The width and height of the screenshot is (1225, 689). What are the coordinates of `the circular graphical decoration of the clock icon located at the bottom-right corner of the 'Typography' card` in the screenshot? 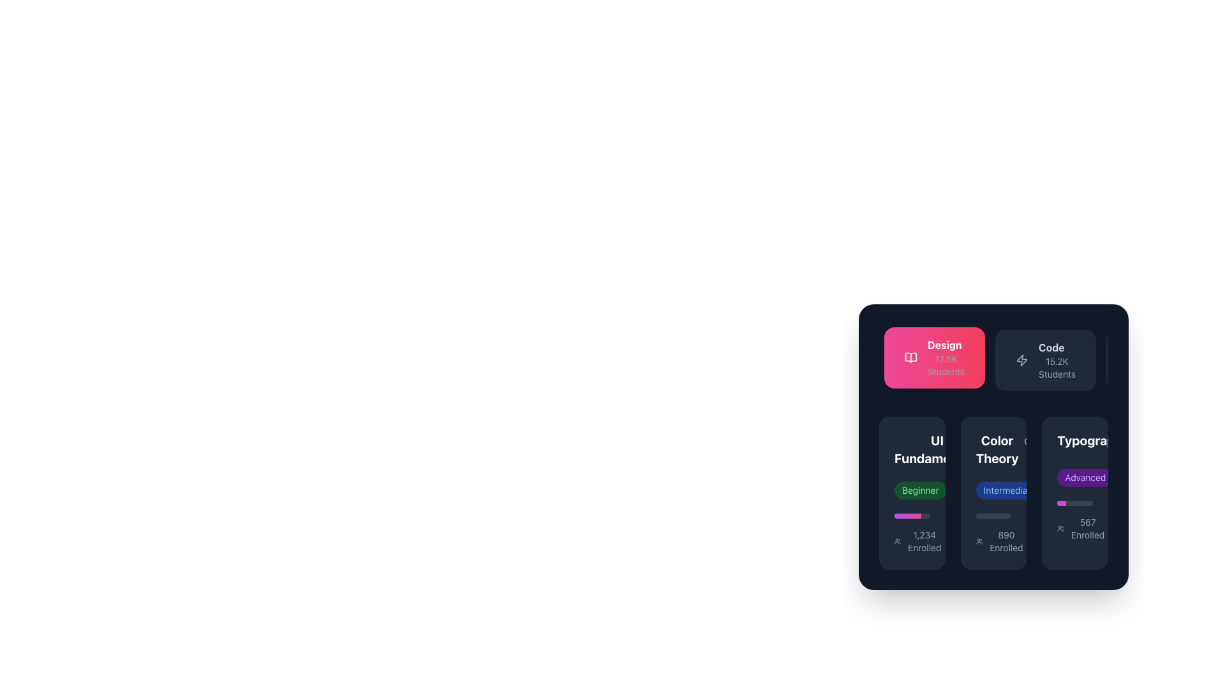 It's located at (1127, 477).